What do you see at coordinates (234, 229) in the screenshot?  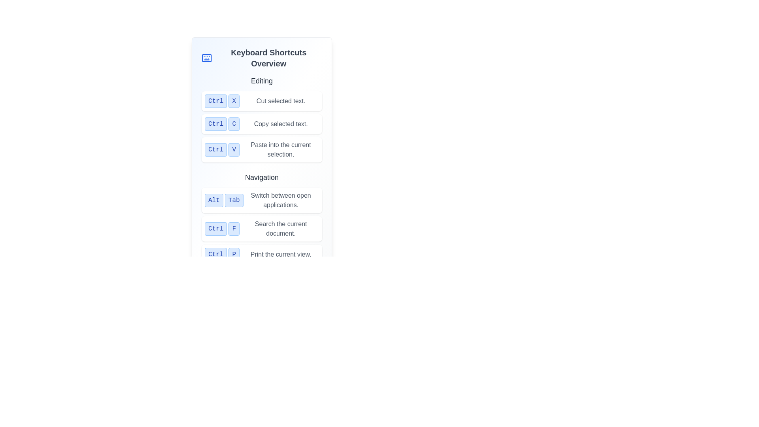 I see `the 'F' key button in the shortcut combination located in the 'Navigation' section, which is visually represented as the second button next to the 'Ctrl' button` at bounding box center [234, 229].